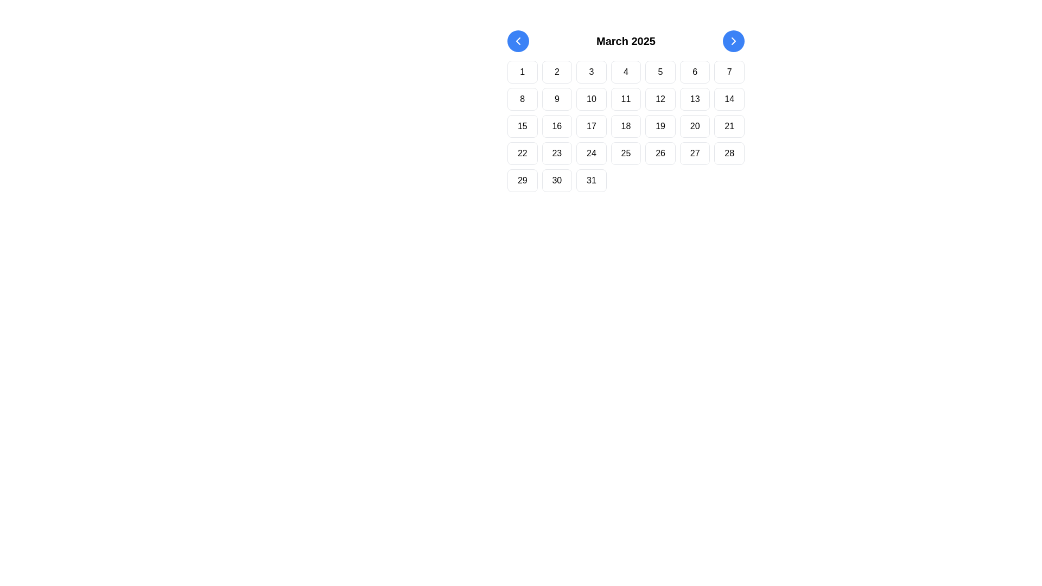 Image resolution: width=1042 pixels, height=586 pixels. I want to click on the day represented by the numeric text in the rounded box located in the second row and first column of the calendar grid, so click(522, 99).